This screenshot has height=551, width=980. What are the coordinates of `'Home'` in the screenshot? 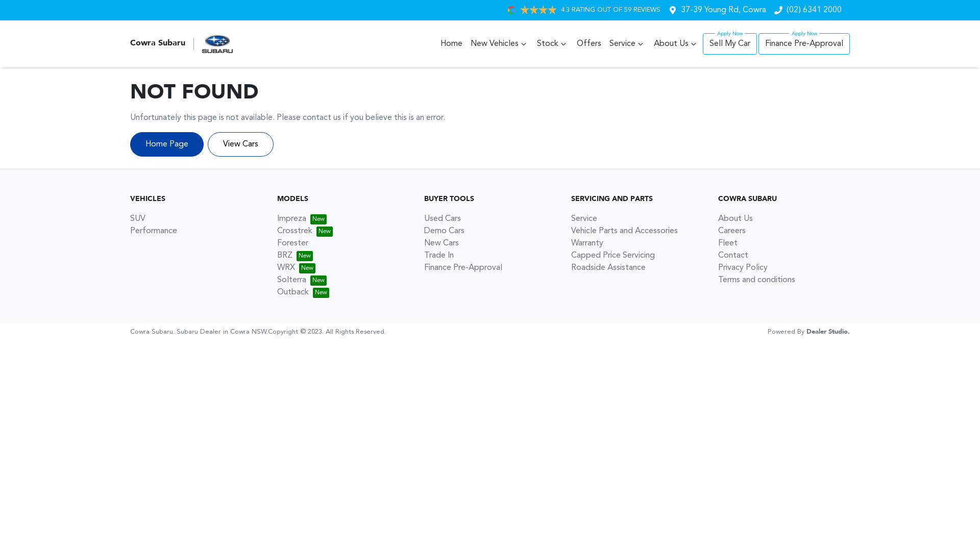 It's located at (451, 43).